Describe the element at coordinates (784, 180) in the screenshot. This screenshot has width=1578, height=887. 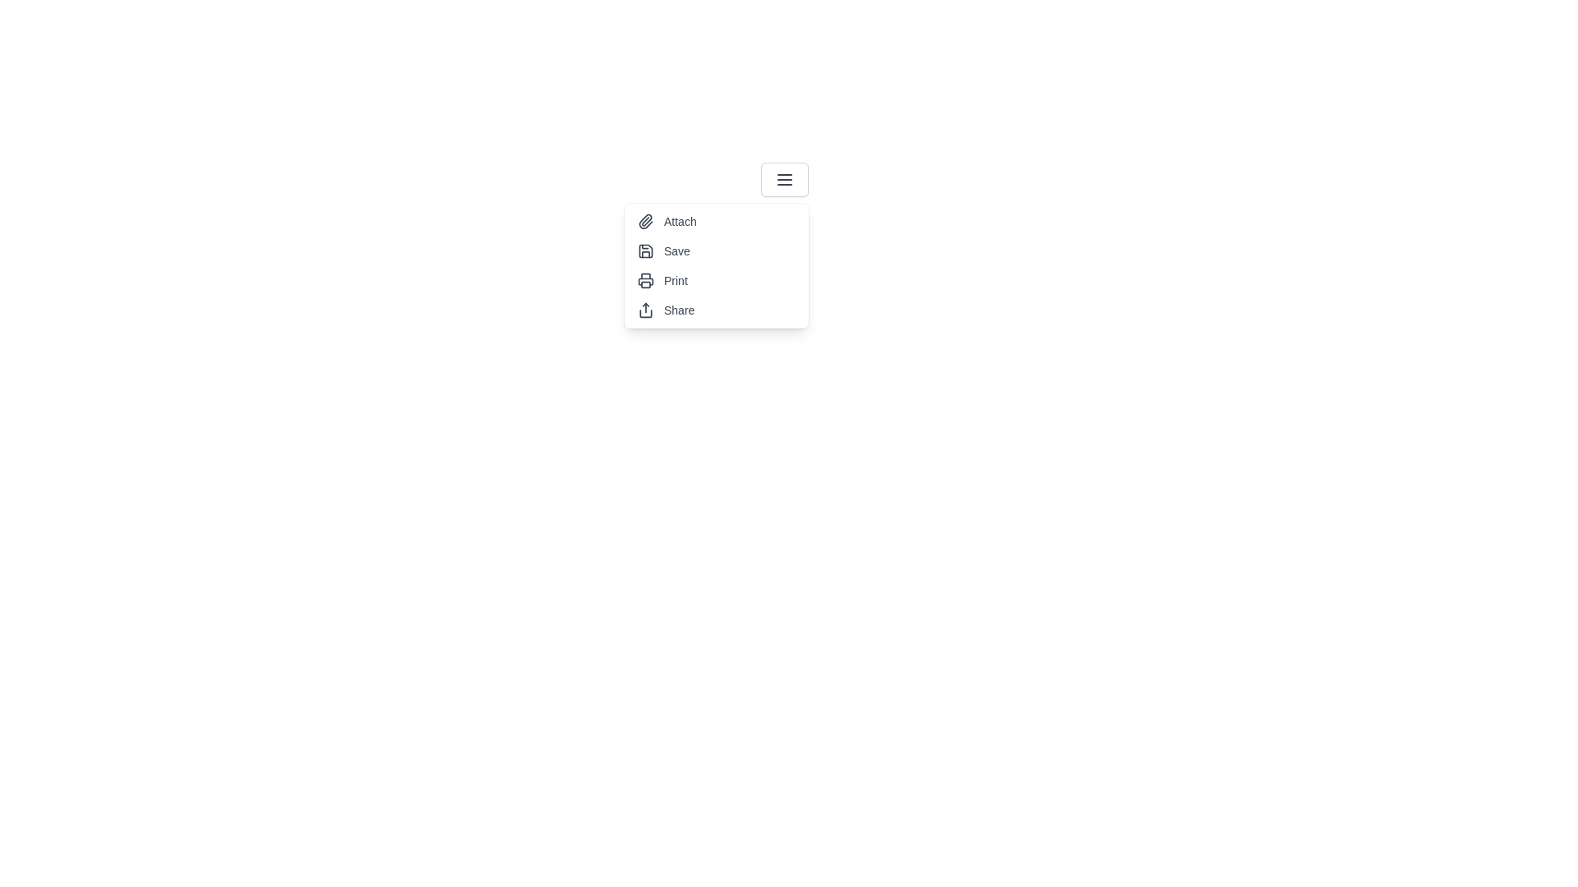
I see `the menu (hamburger) icon located at the top-right corner` at that location.